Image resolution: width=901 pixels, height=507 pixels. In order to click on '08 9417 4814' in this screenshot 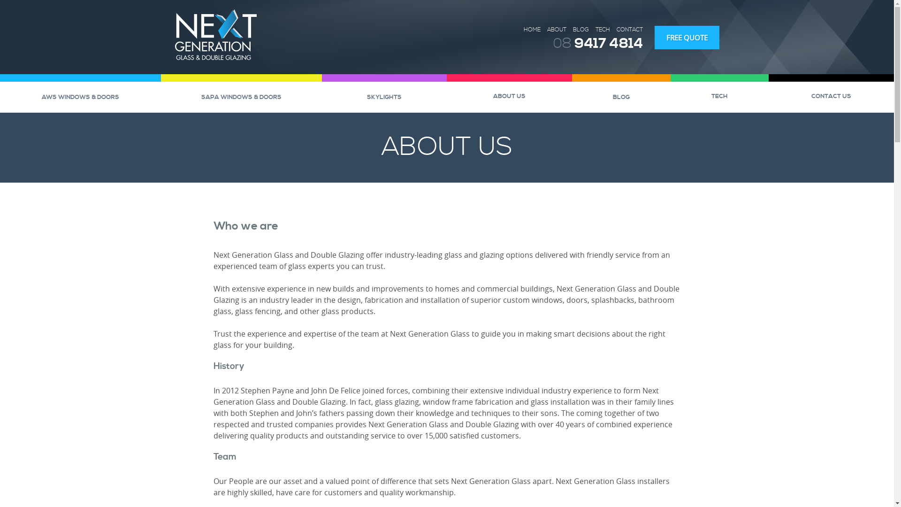, I will do `click(597, 43)`.